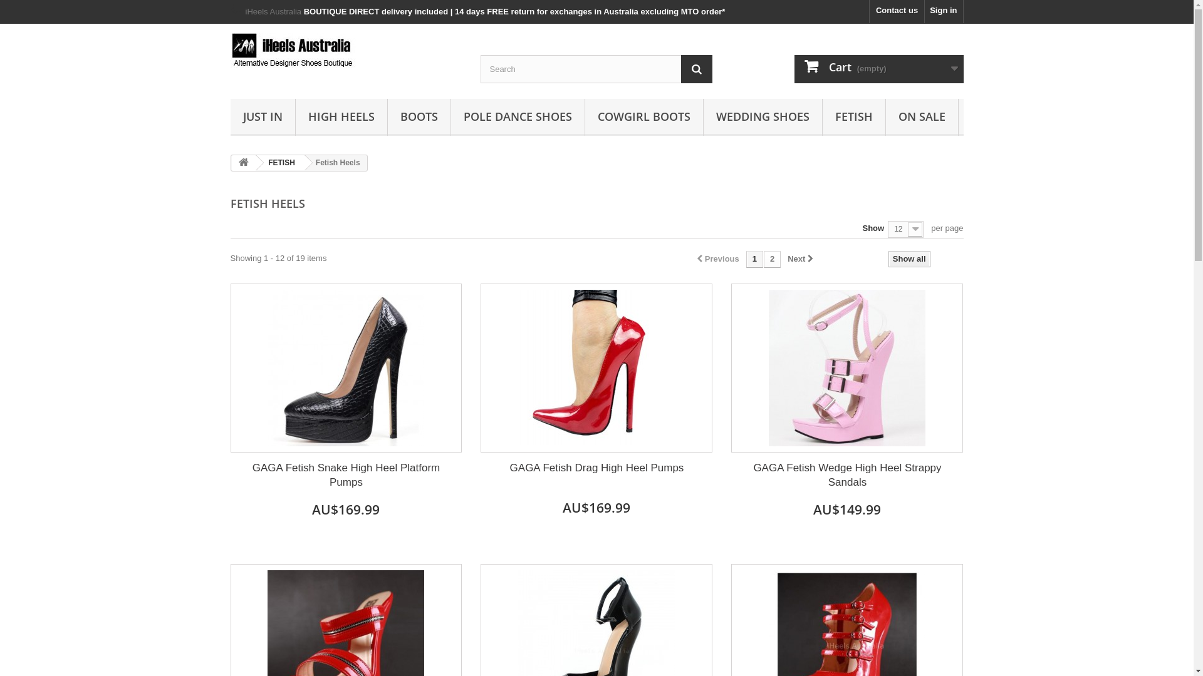 This screenshot has height=676, width=1203. Describe the element at coordinates (643, 117) in the screenshot. I see `'COWGIRL BOOTS'` at that location.